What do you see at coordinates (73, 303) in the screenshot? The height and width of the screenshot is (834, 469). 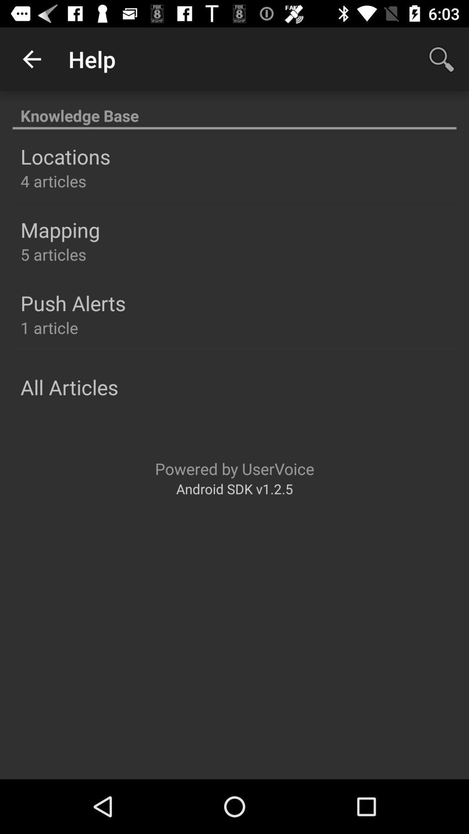 I see `icon above 1 article icon` at bounding box center [73, 303].